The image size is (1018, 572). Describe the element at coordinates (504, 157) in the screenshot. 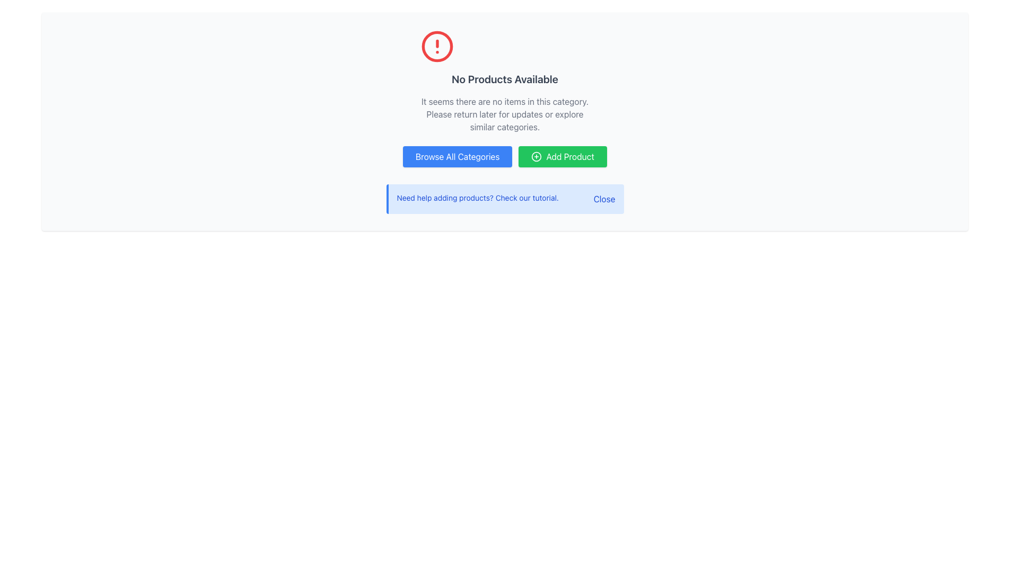

I see `the blue 'Browse All Categories' button in the horizontal button group` at that location.